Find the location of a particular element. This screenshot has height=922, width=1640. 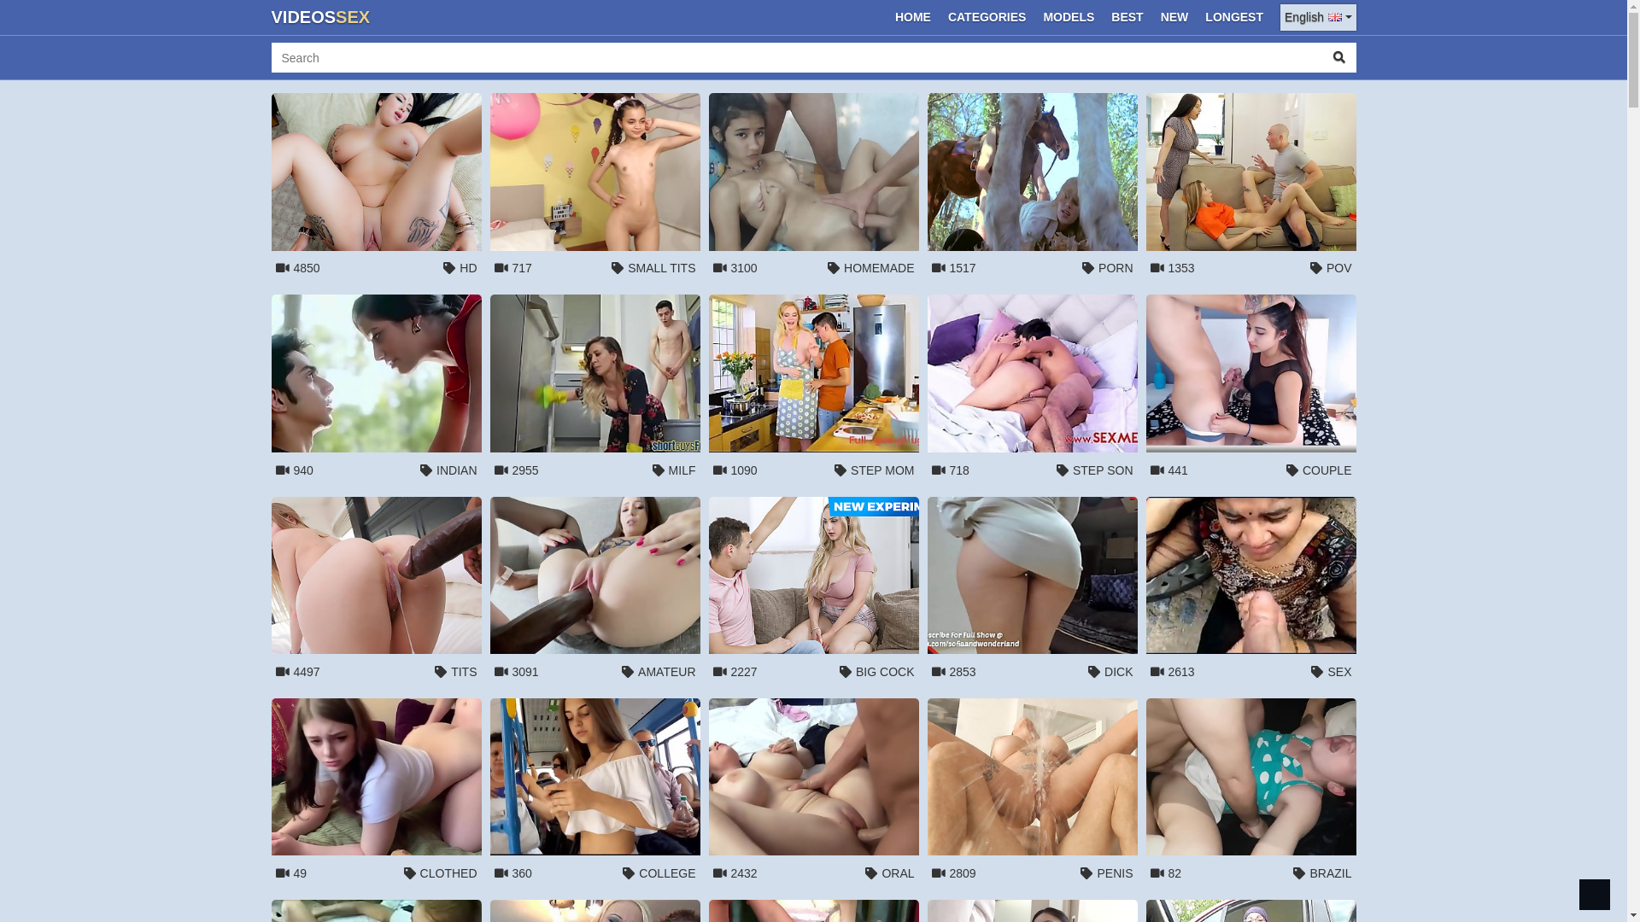

'2227 is located at coordinates (813, 592).